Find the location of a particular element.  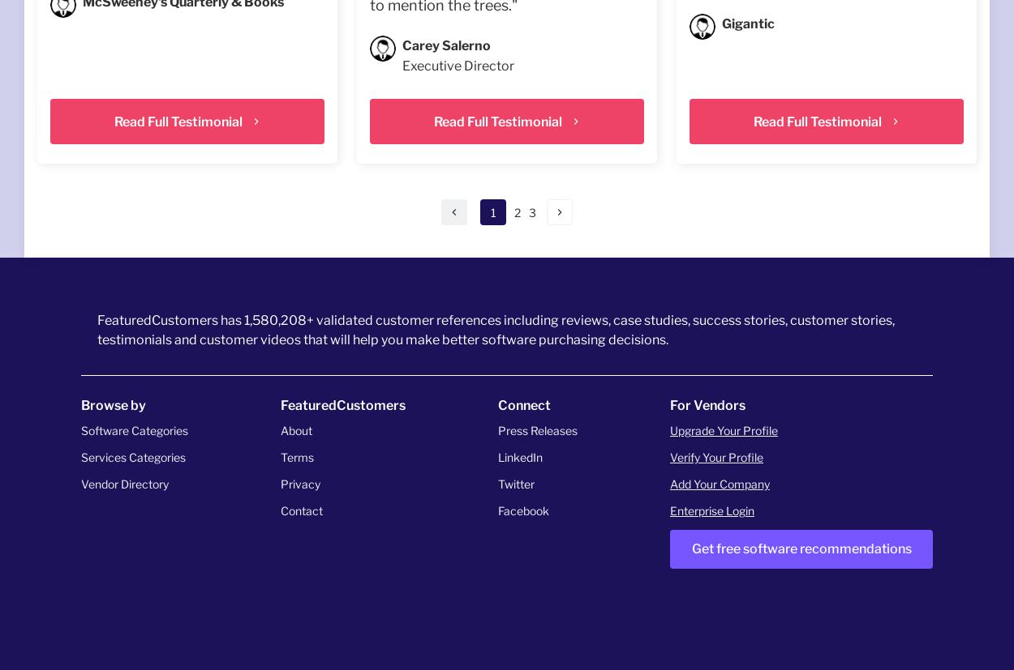

'Facebook' is located at coordinates (523, 510).